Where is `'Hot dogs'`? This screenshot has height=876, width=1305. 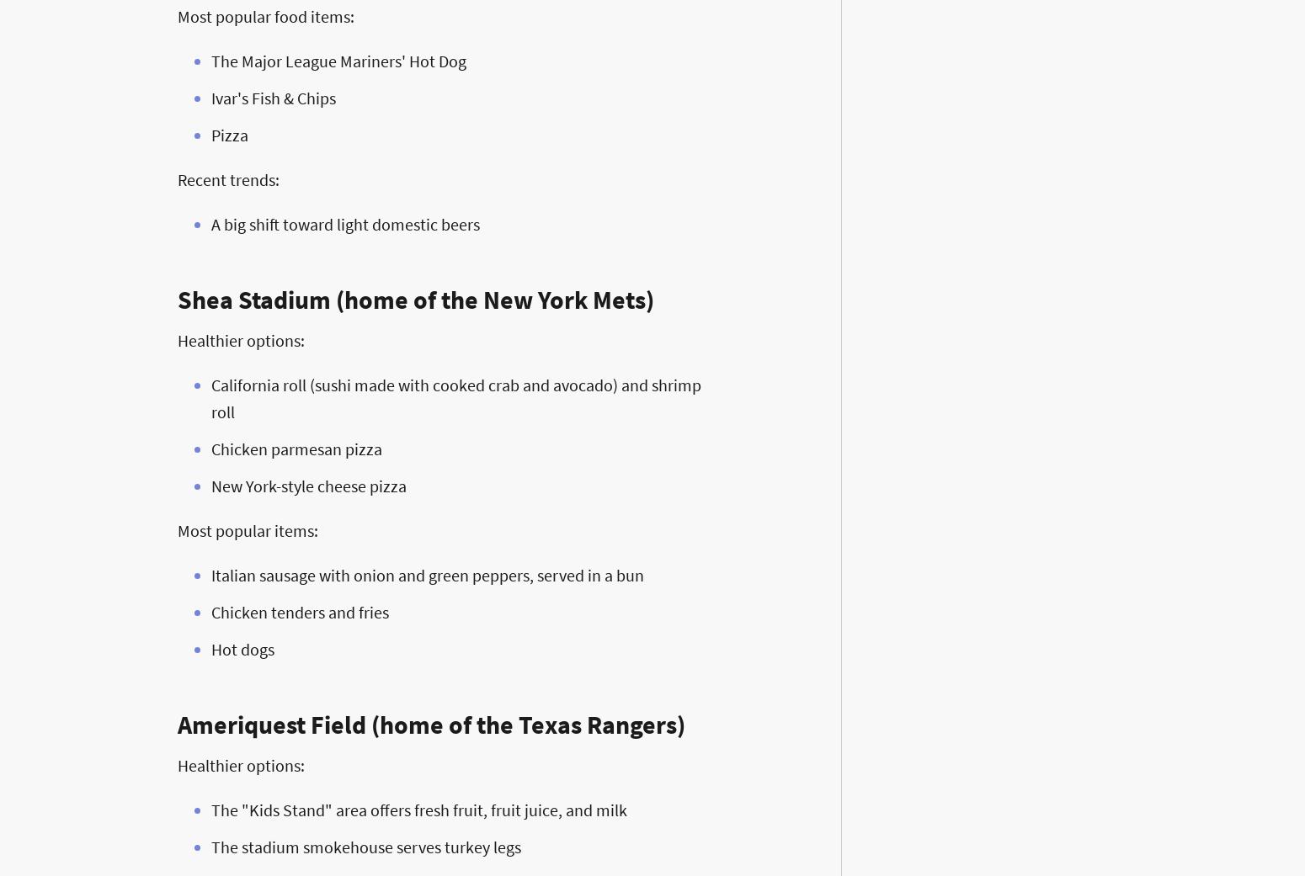 'Hot dogs' is located at coordinates (242, 649).